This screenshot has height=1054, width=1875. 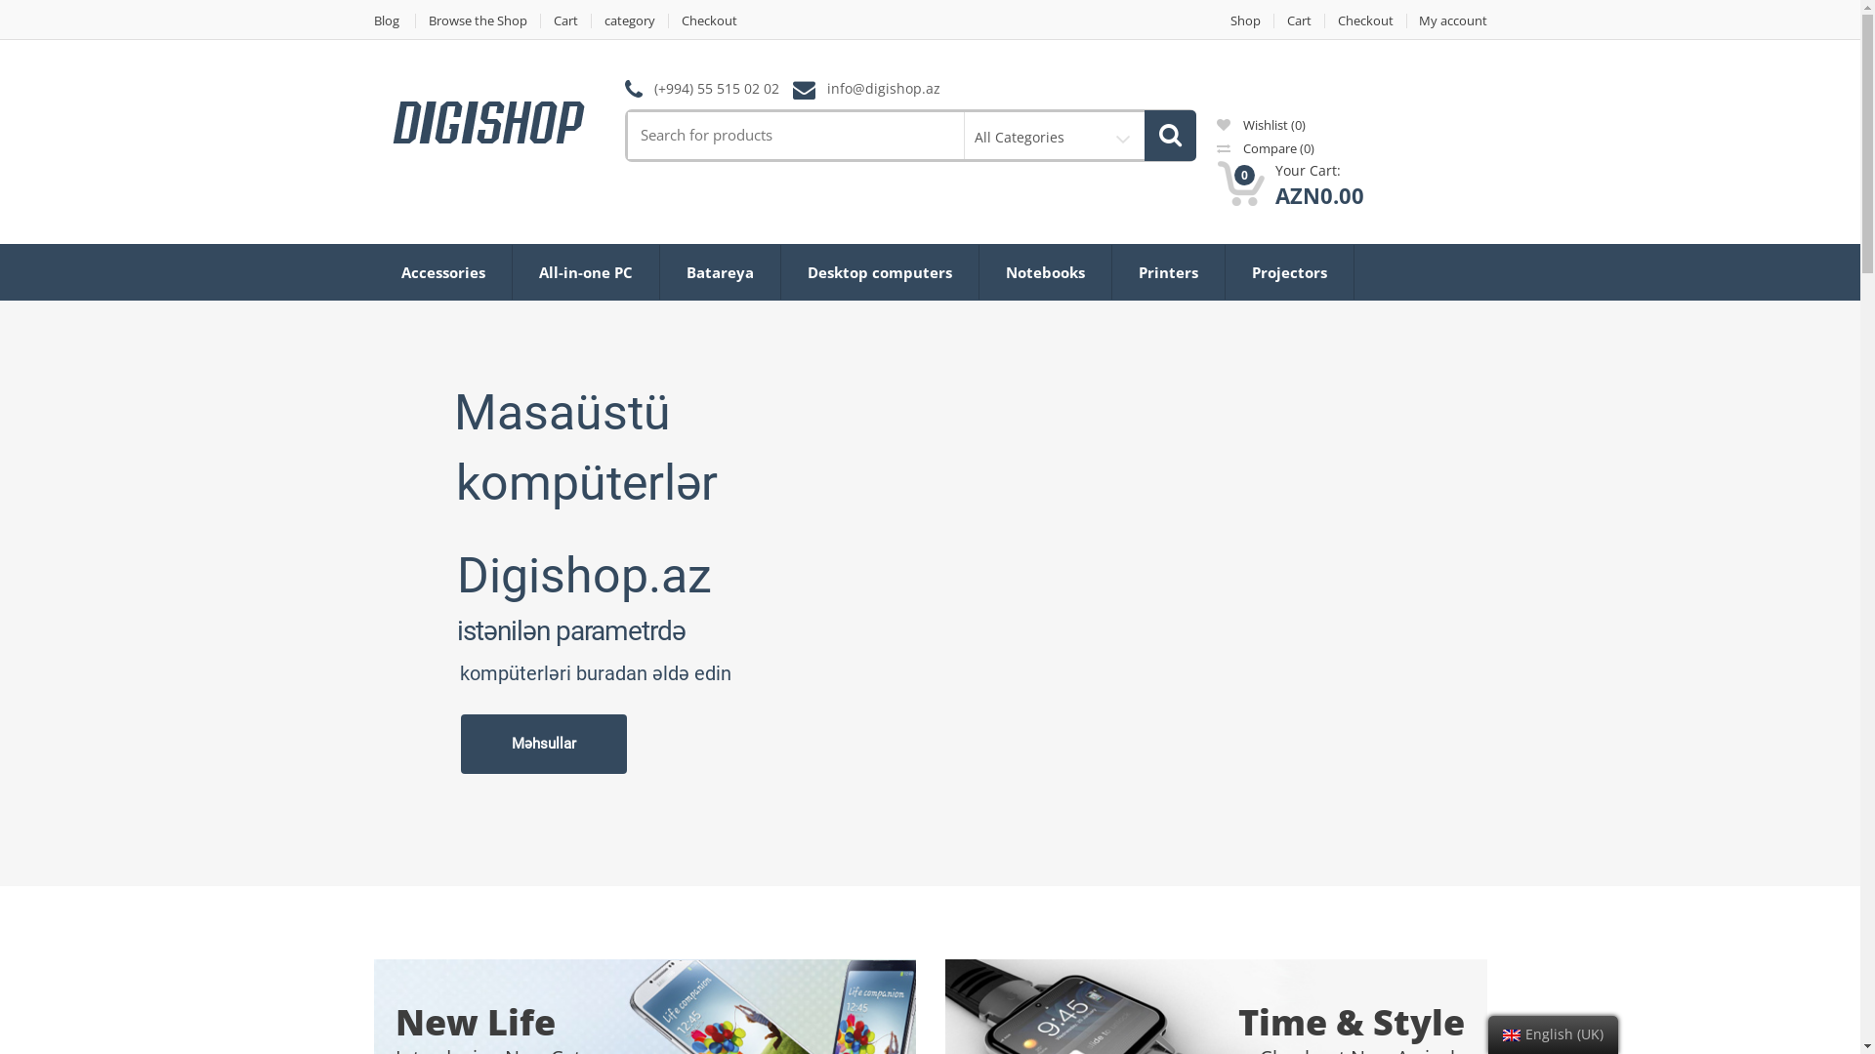 I want to click on 'category', so click(x=630, y=20).